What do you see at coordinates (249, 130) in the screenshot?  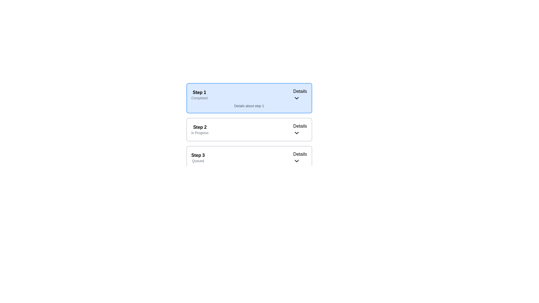 I see `the Collapsible status display section that shows the current status of Step 2 ('In Progress') and provides a 'Details' option` at bounding box center [249, 130].